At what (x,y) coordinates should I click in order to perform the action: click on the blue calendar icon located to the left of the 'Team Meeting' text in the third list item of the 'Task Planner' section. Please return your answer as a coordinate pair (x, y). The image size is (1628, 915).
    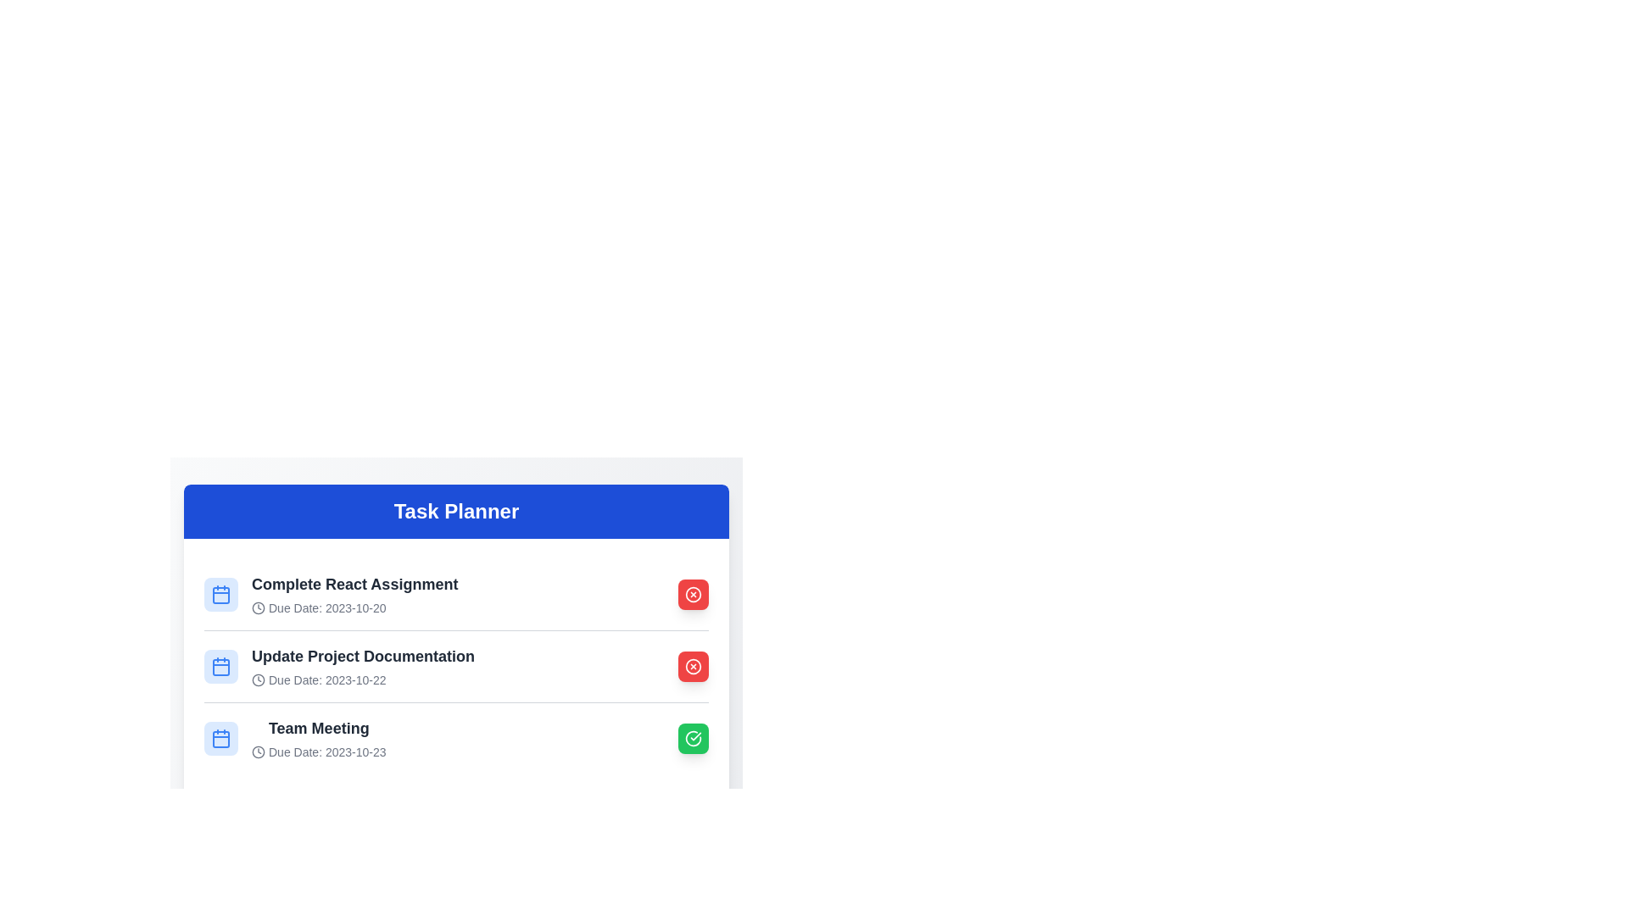
    Looking at the image, I should click on (220, 737).